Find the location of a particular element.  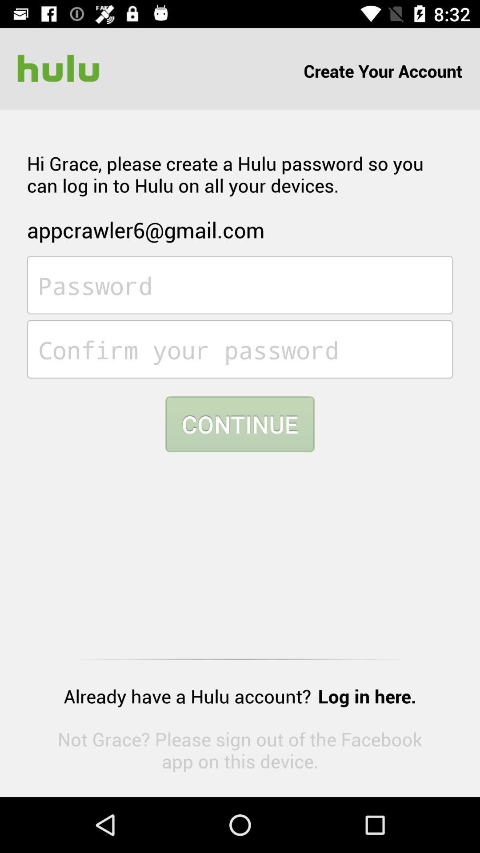

password is located at coordinates (240, 285).